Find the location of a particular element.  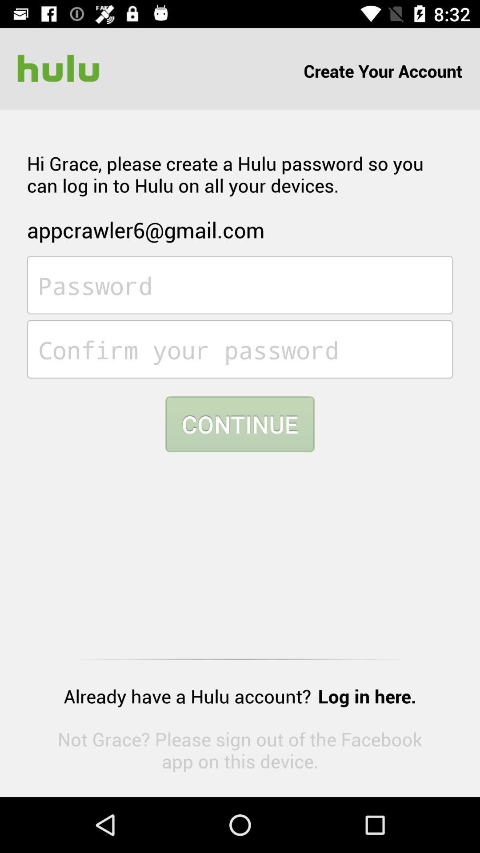

password is located at coordinates (240, 285).